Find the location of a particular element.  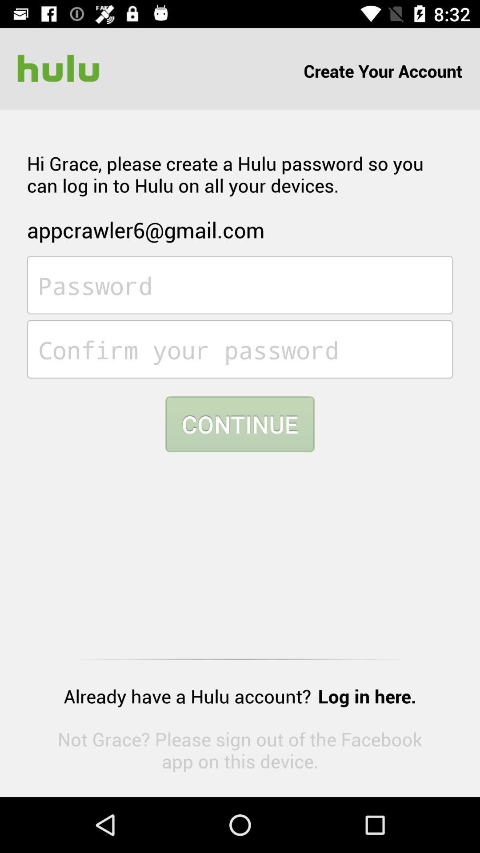

password is located at coordinates (240, 285).